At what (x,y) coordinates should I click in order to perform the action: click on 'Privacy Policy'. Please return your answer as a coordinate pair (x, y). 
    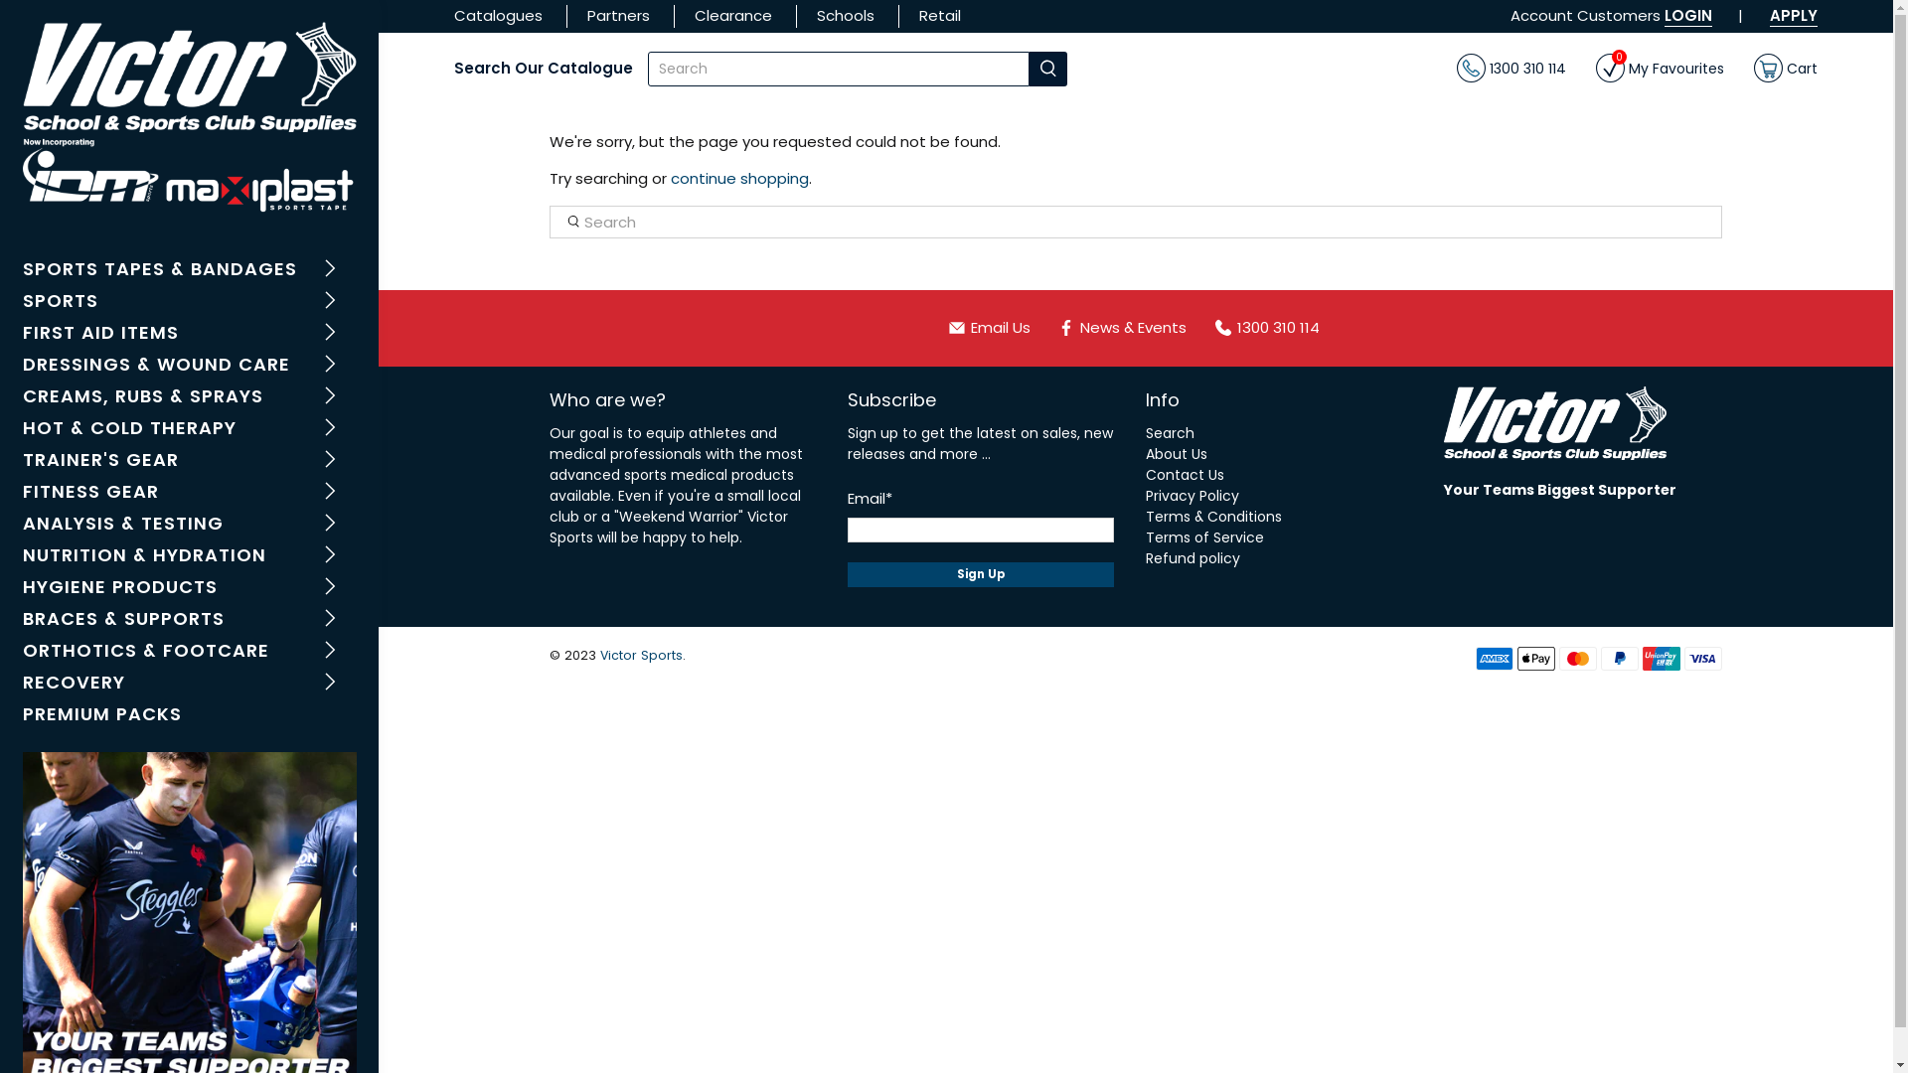
    Looking at the image, I should click on (1192, 494).